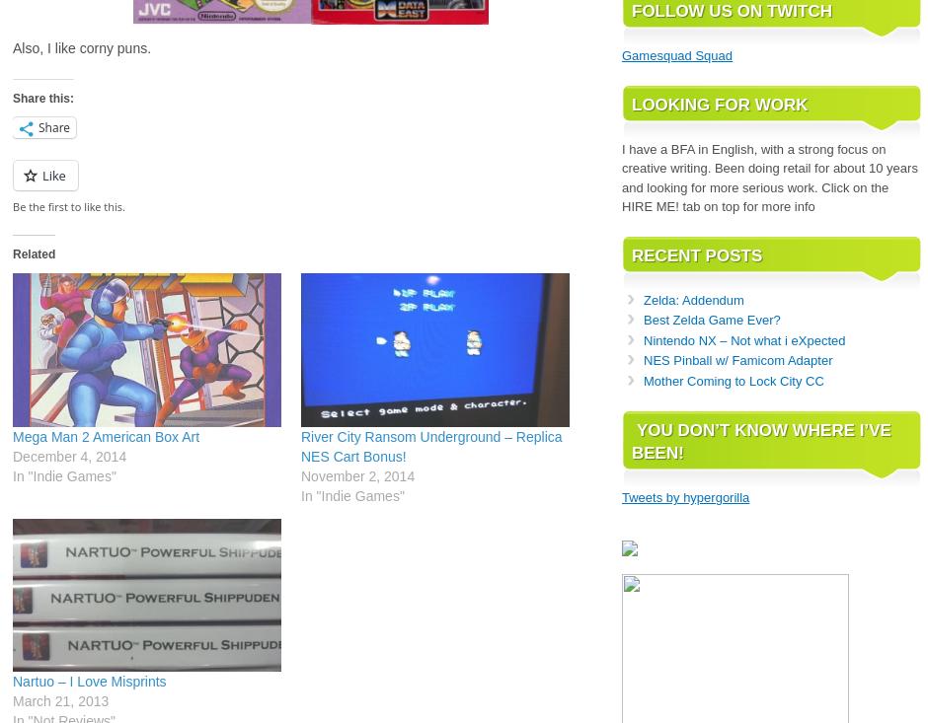  Describe the element at coordinates (692, 298) in the screenshot. I see `'Zelda: Addendum'` at that location.